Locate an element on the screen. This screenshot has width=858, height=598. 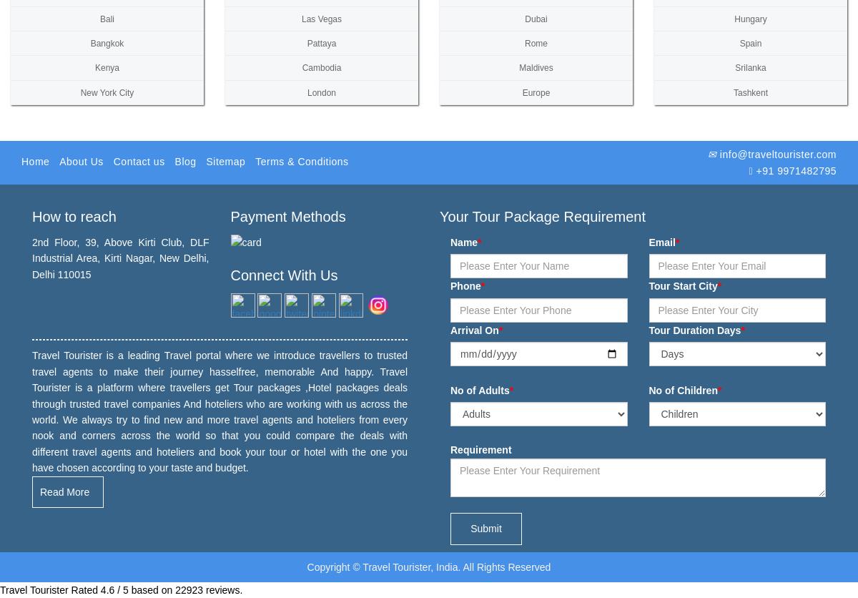
'Contact us' is located at coordinates (112, 161).